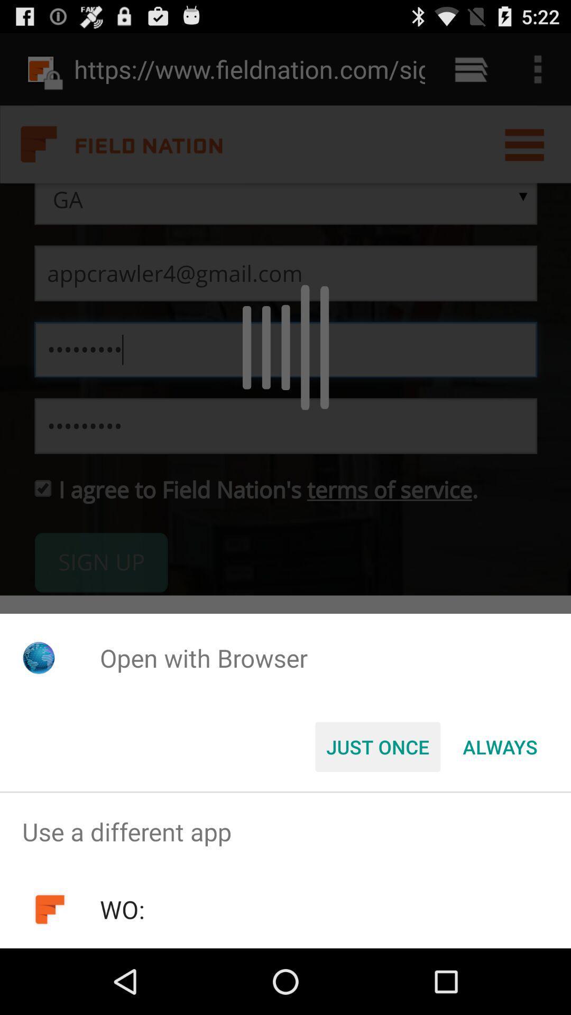  What do you see at coordinates (377, 746) in the screenshot?
I see `the item next to always` at bounding box center [377, 746].